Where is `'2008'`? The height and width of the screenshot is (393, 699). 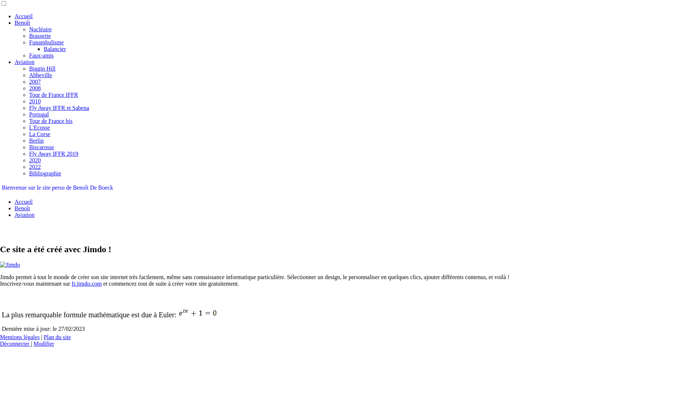
'2008' is located at coordinates (35, 88).